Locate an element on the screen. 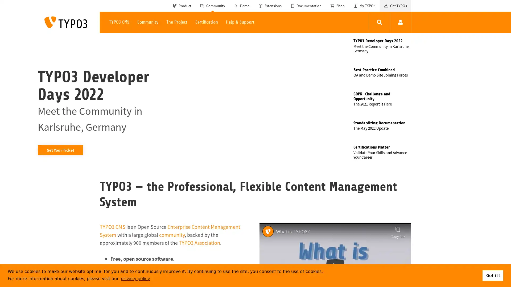  dismiss cookie message is located at coordinates (493, 275).